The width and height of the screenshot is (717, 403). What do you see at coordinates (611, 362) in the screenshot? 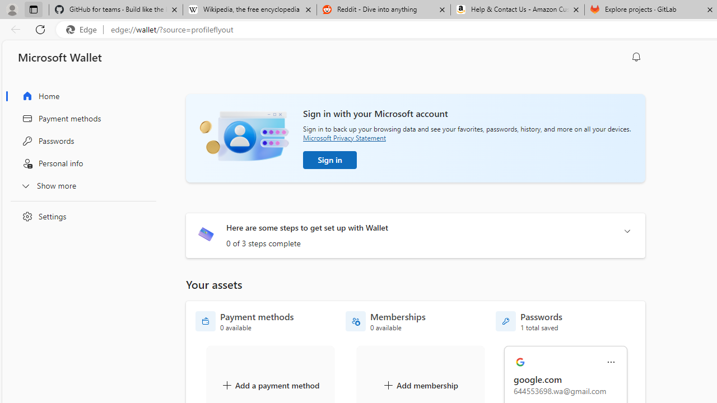
I see `'More actions'` at bounding box center [611, 362].